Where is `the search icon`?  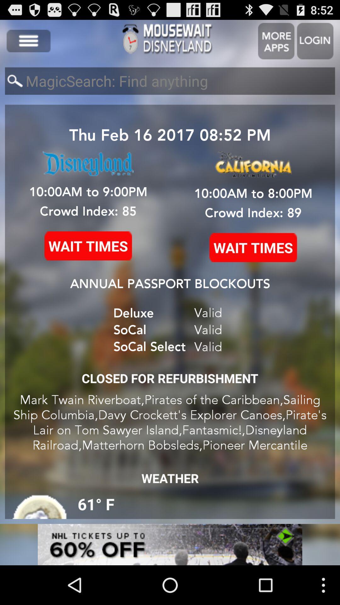
the search icon is located at coordinates (14, 86).